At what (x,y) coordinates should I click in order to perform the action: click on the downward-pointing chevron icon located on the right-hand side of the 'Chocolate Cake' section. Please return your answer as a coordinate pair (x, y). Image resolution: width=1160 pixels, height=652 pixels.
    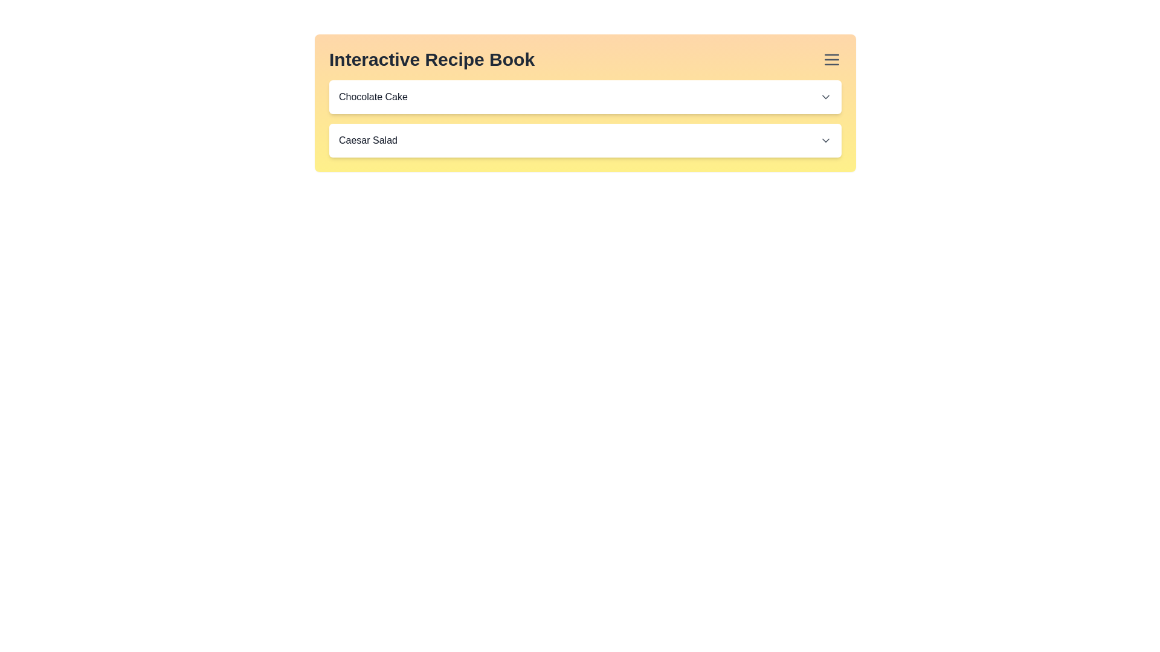
    Looking at the image, I should click on (825, 97).